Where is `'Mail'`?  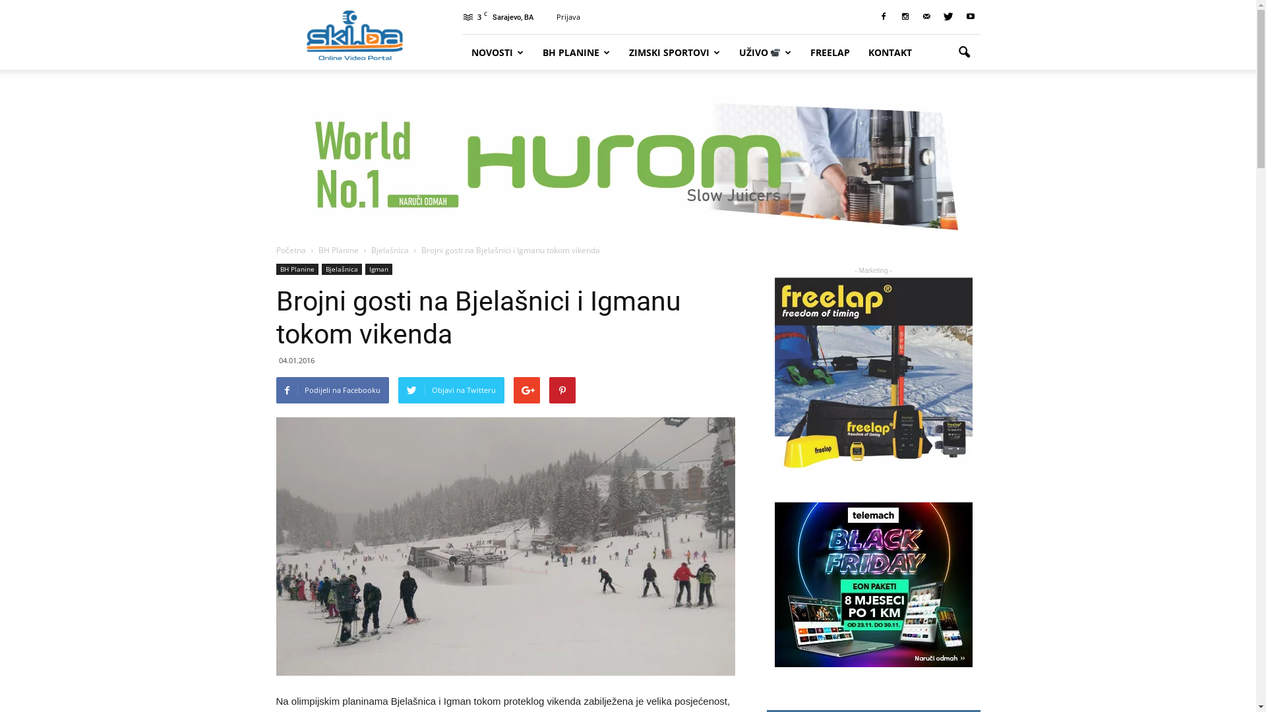 'Mail' is located at coordinates (926, 17).